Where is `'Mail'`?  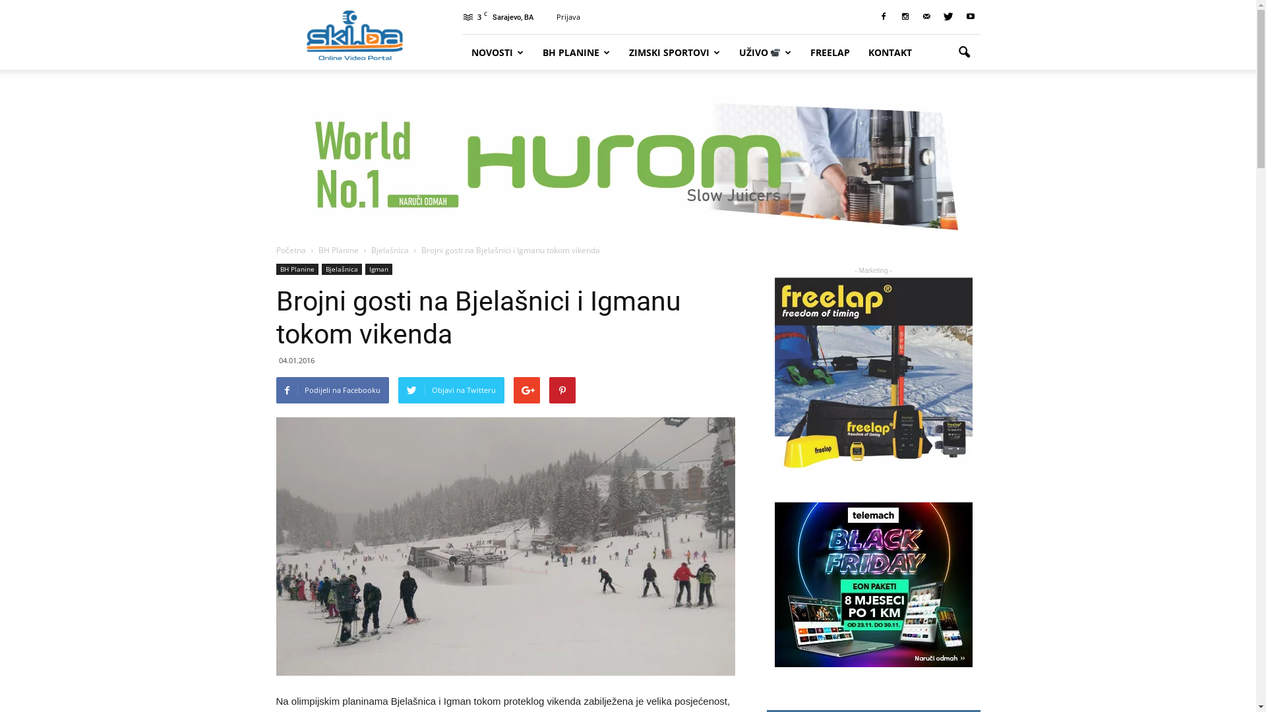 'Mail' is located at coordinates (926, 17).